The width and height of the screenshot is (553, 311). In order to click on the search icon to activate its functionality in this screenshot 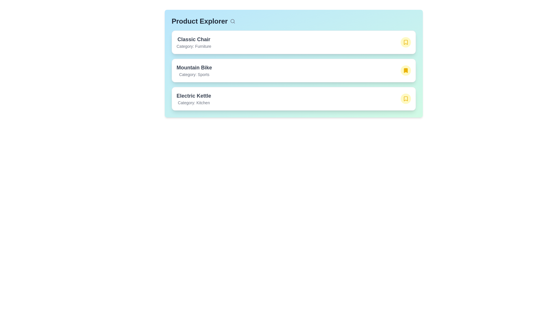, I will do `click(232, 21)`.